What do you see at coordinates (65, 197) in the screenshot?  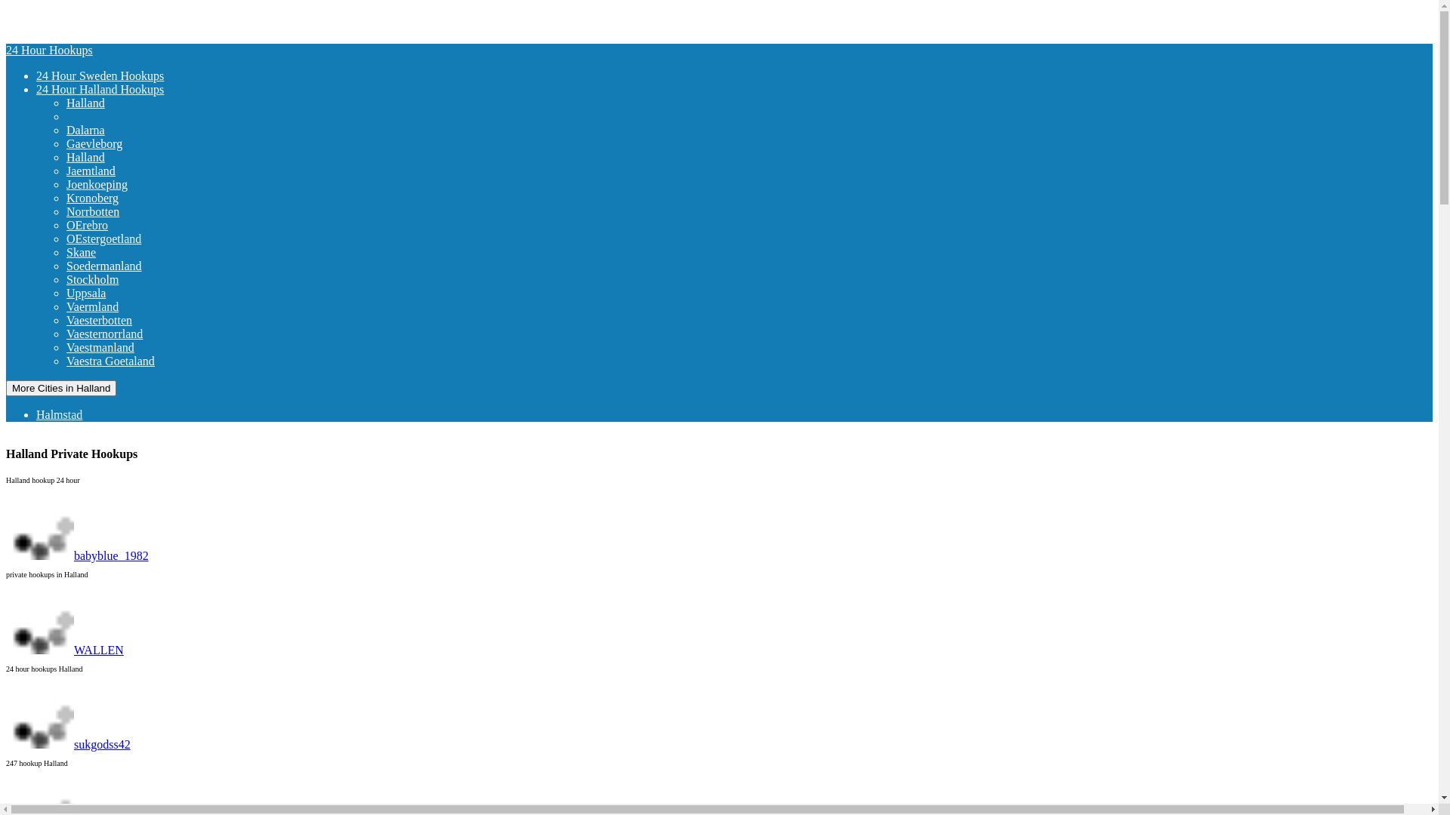 I see `'Kronoberg'` at bounding box center [65, 197].